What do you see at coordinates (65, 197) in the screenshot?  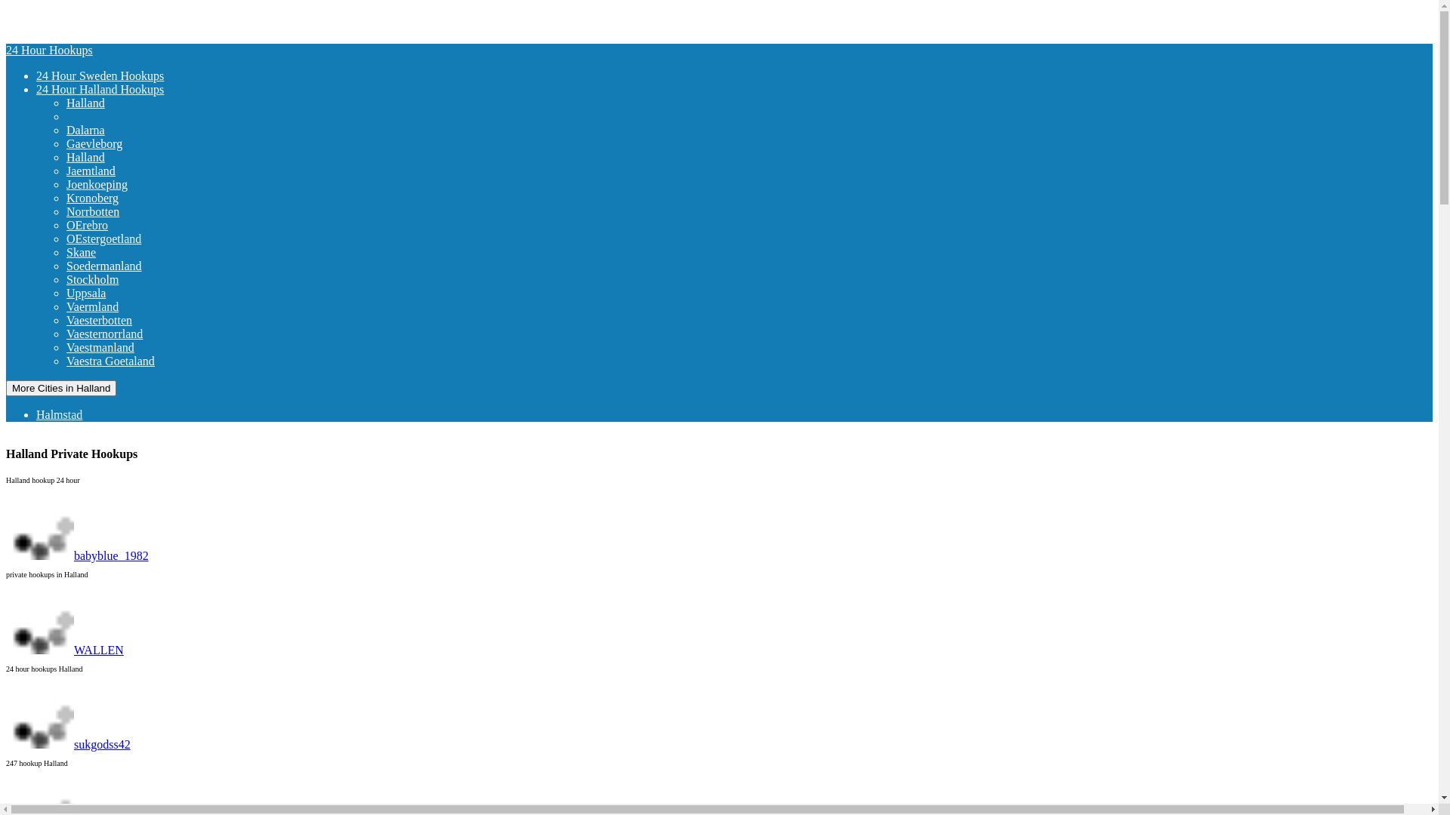 I see `'Kronoberg'` at bounding box center [65, 197].